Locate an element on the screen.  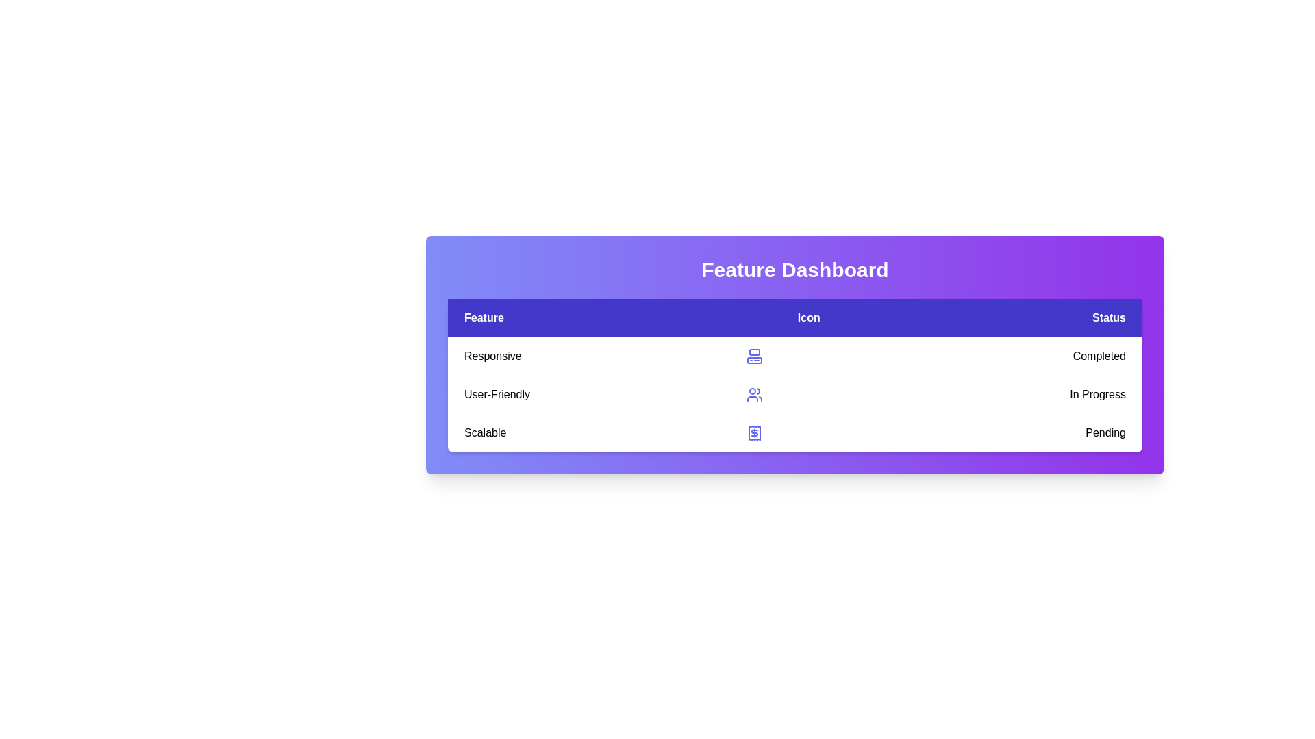
the user-friendly computer icon, which is the second icon in the 'Icon' column of the table, featuring an indigo gradient color and distinct shape is located at coordinates (753, 355).